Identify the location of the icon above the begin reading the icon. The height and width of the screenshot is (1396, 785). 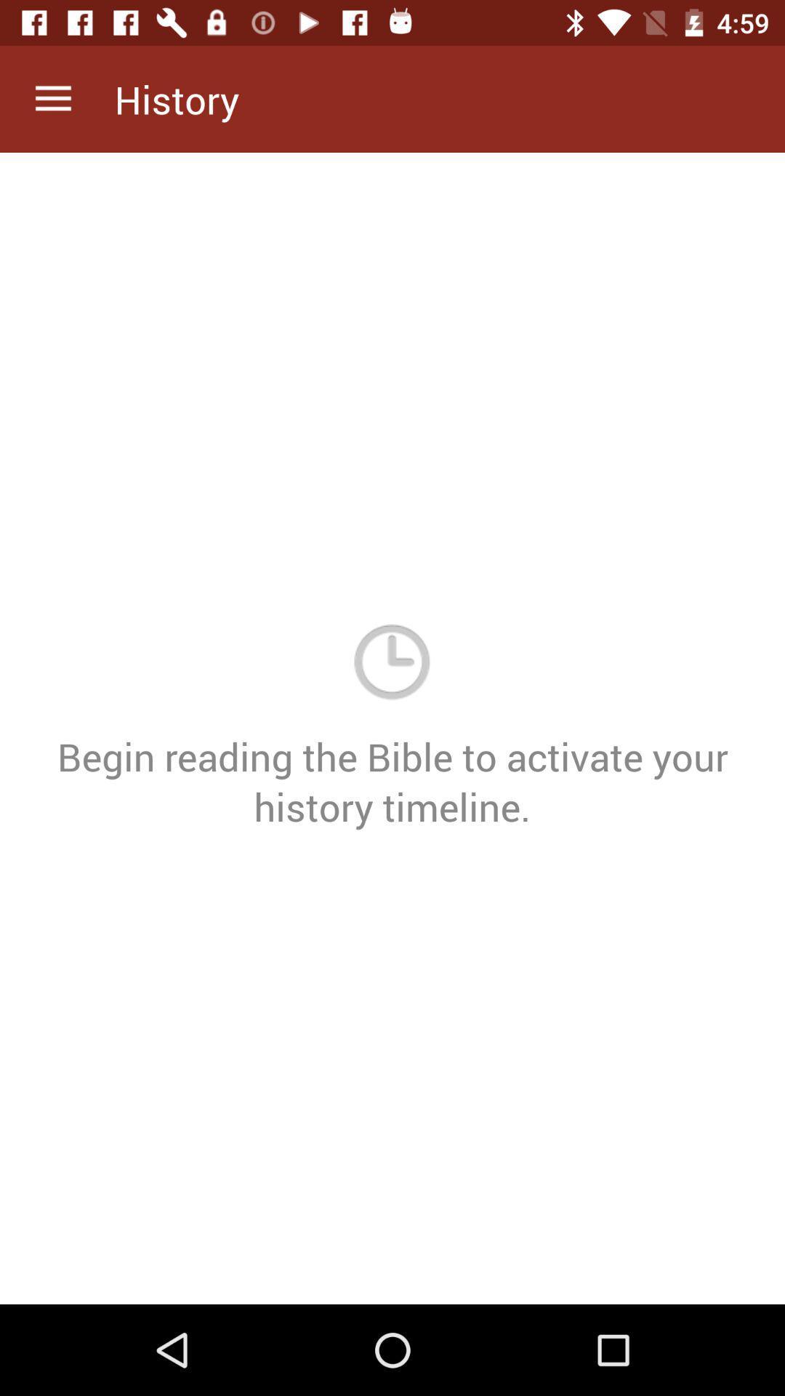
(52, 98).